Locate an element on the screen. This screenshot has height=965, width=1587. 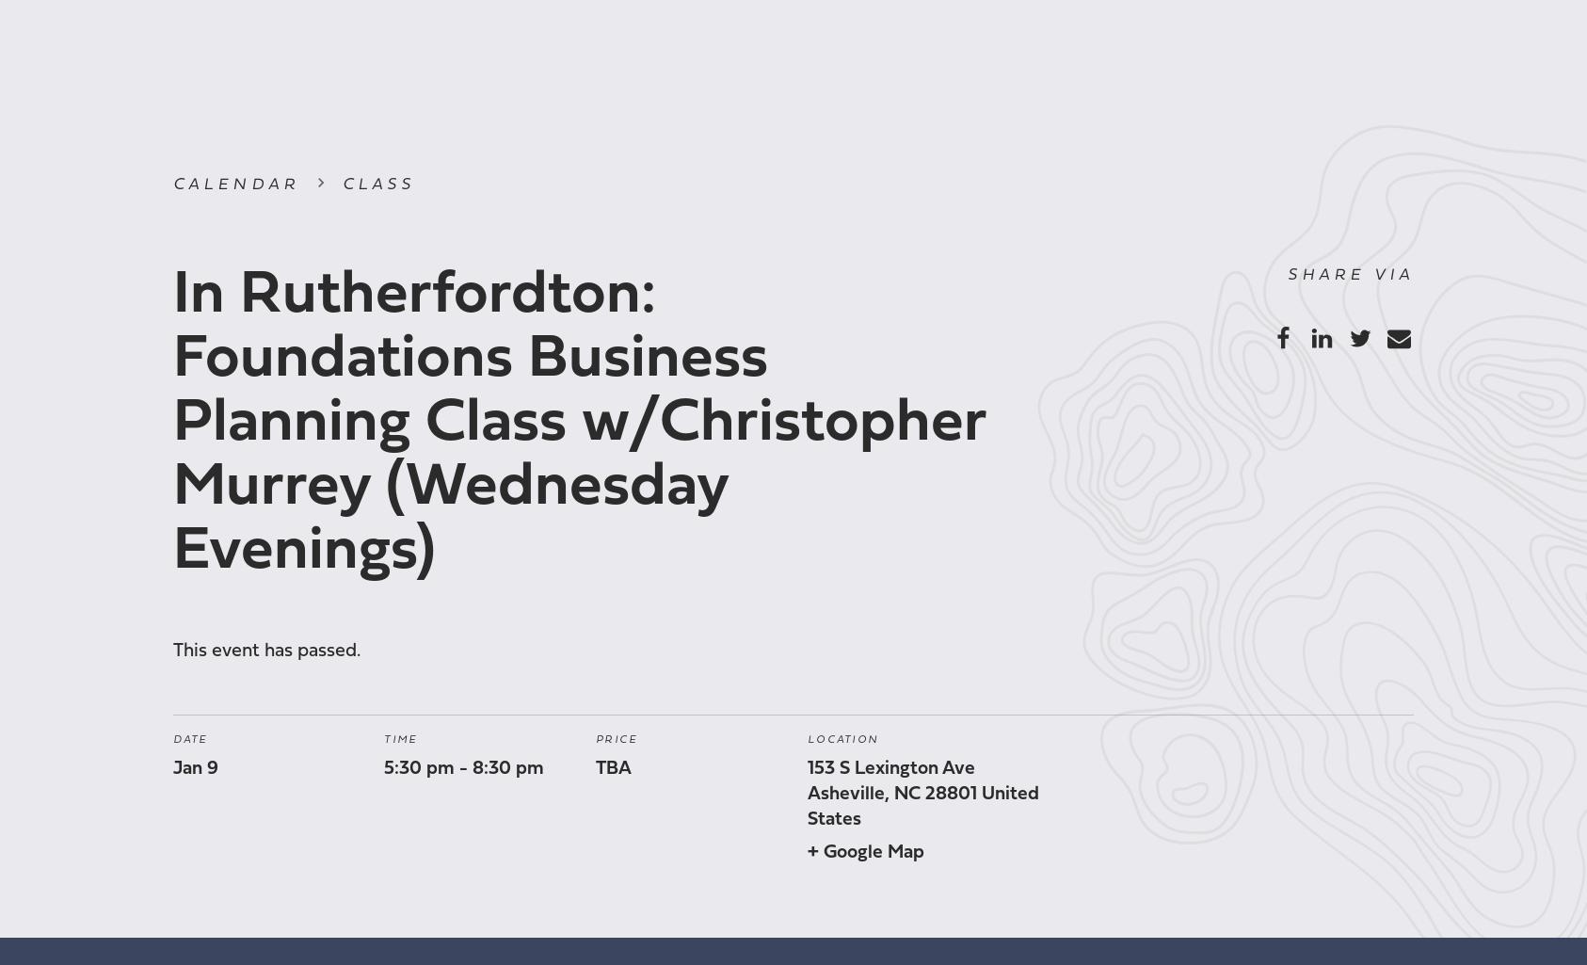
'Date' is located at coordinates (189, 739).